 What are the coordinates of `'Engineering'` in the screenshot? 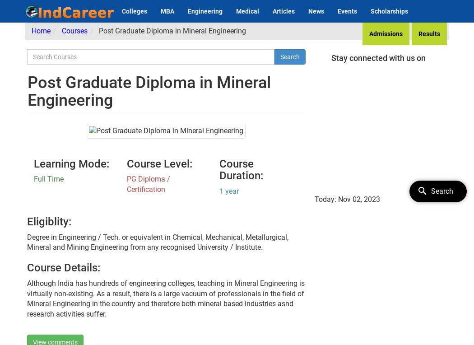 It's located at (187, 10).